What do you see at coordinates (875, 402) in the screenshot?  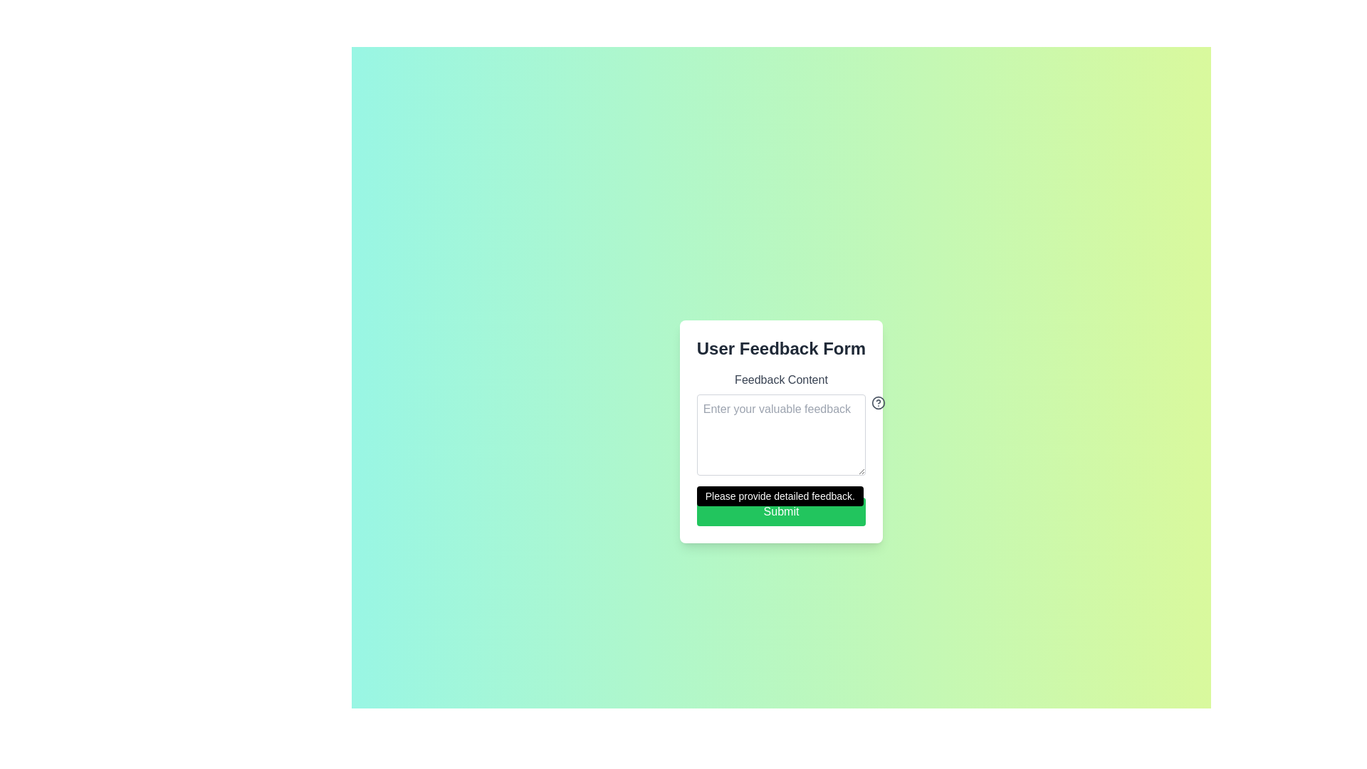 I see `the help button located to the right of the 'Feedback Content' text input box` at bounding box center [875, 402].